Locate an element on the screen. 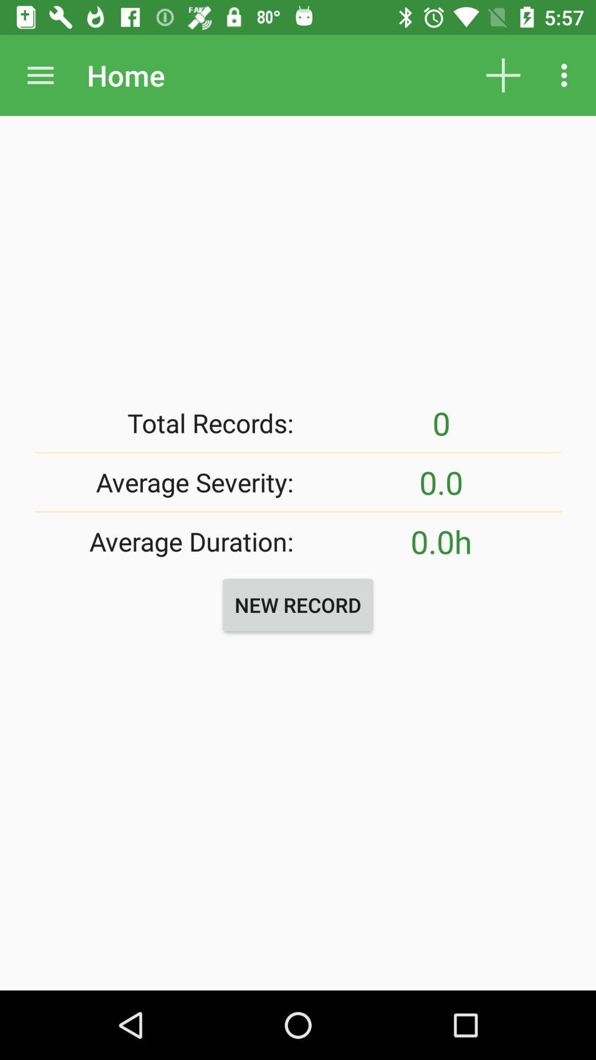 Image resolution: width=596 pixels, height=1060 pixels. option bar is located at coordinates (40, 75).